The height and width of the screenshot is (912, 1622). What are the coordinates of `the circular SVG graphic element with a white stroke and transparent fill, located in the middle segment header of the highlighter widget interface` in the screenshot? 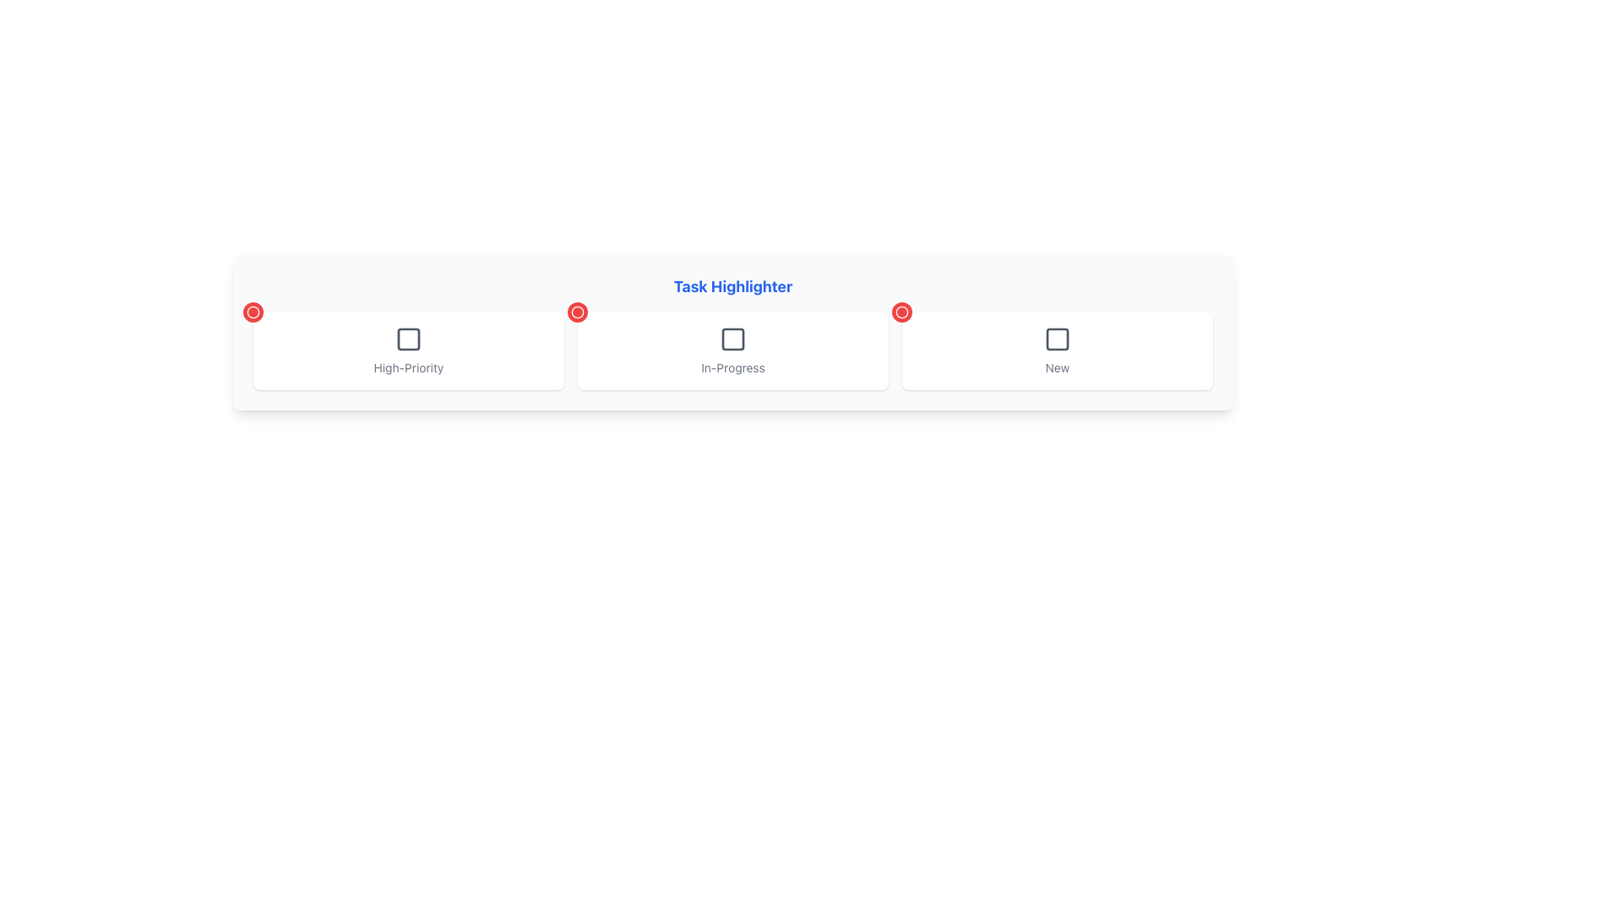 It's located at (901, 312).